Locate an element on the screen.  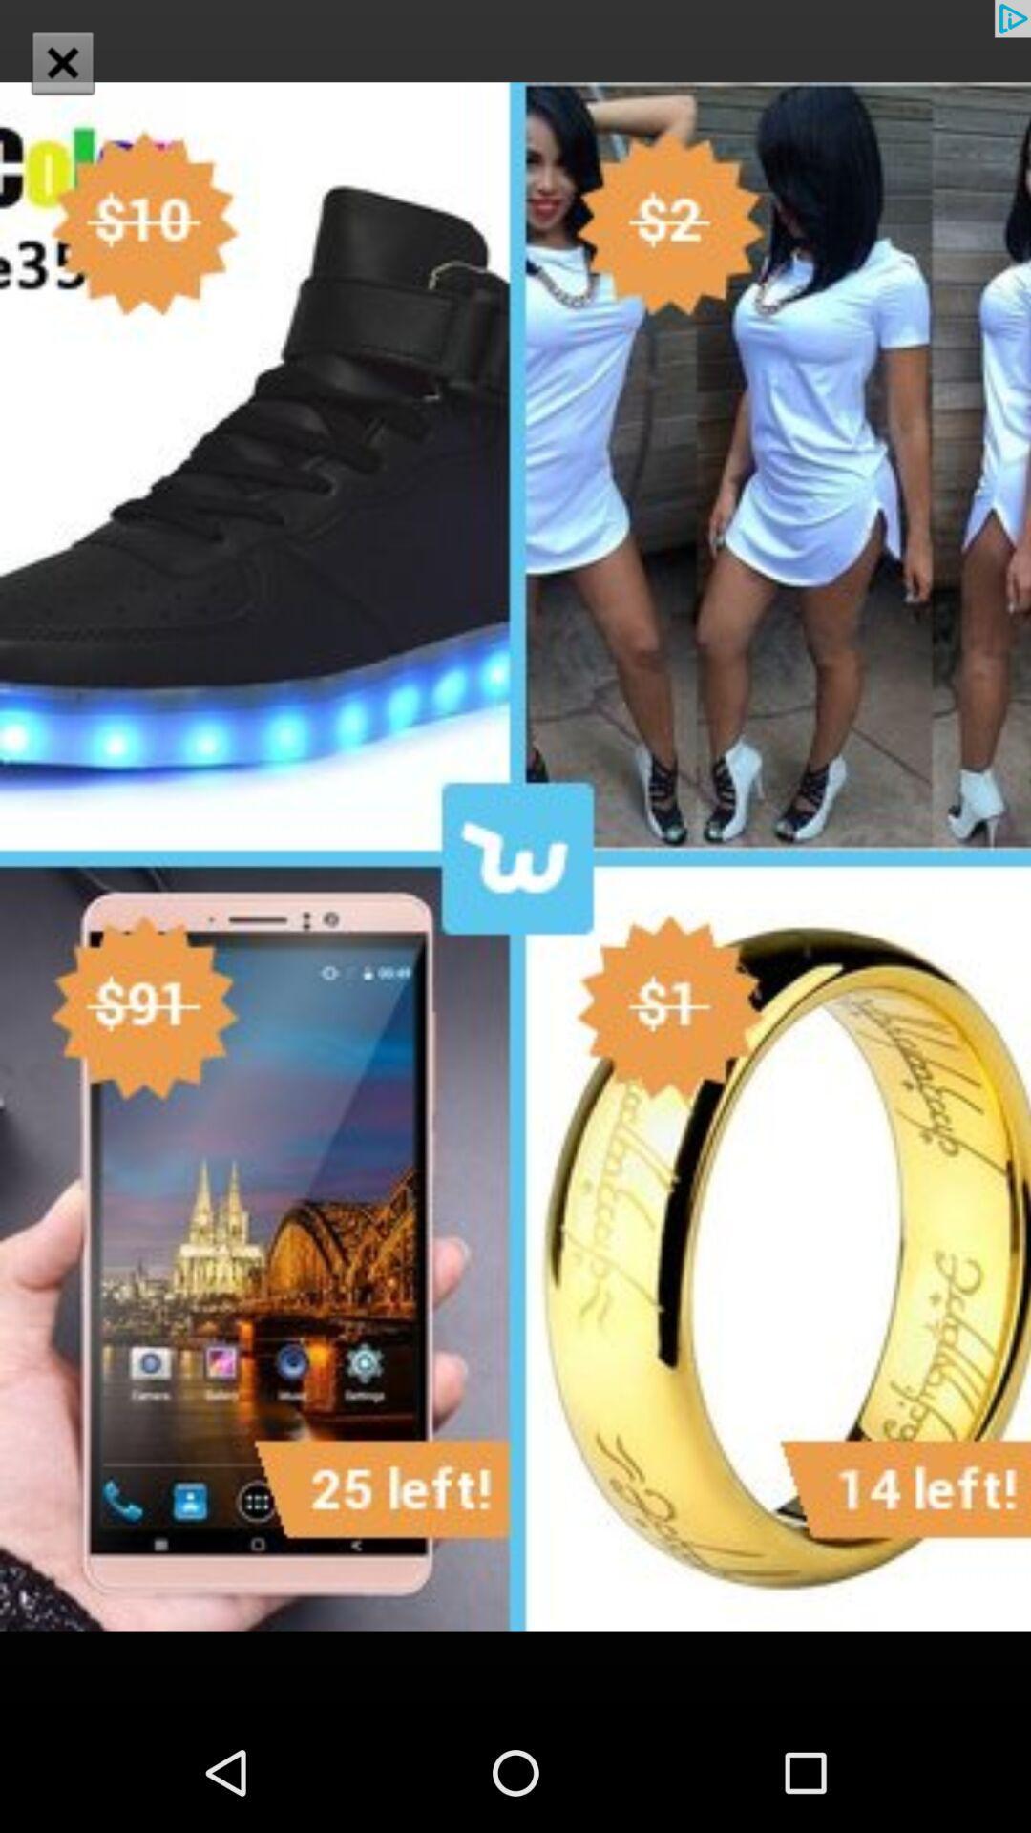
the close icon is located at coordinates (61, 67).